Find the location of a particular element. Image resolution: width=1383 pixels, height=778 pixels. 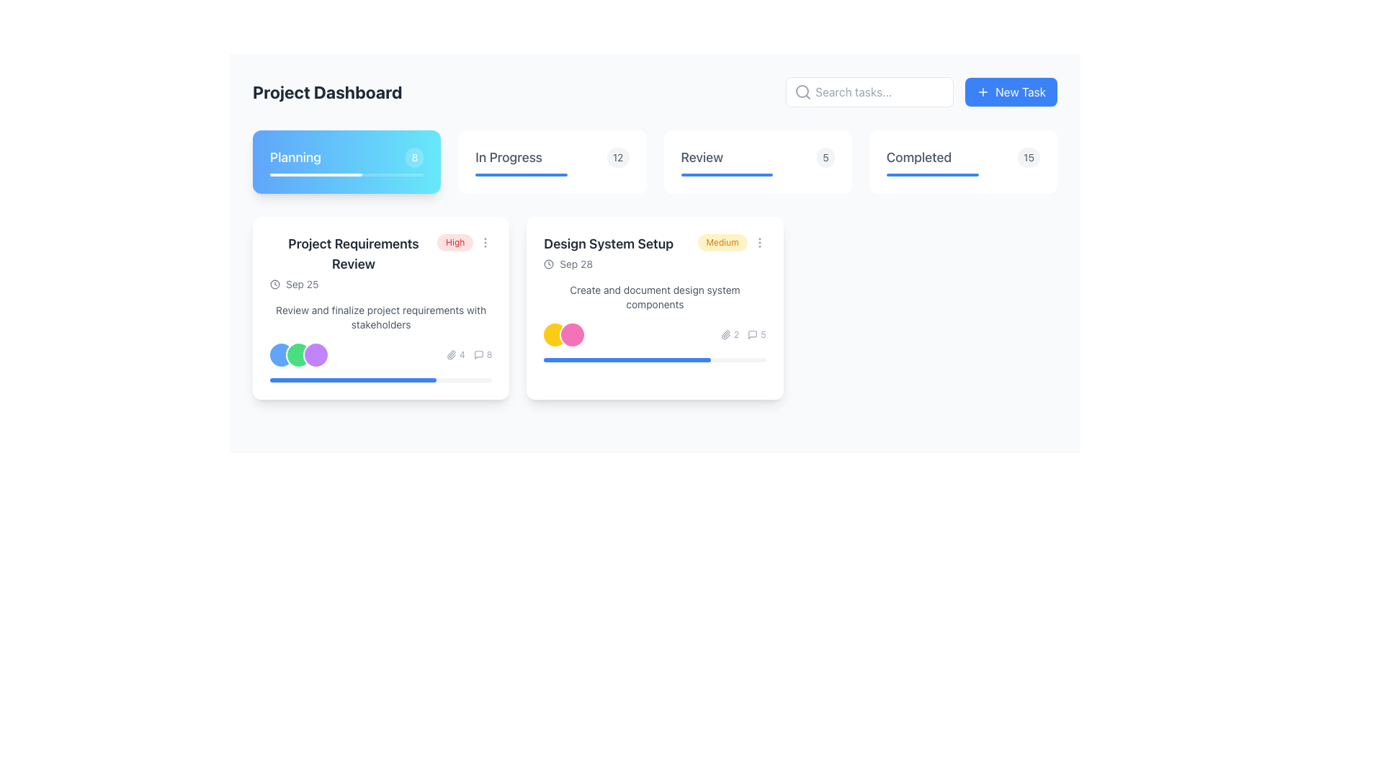

the Progress bar located in the 'In Progress' section, positioned between the 'Planning' and 'Review' sections, representing task completion is located at coordinates (521, 174).